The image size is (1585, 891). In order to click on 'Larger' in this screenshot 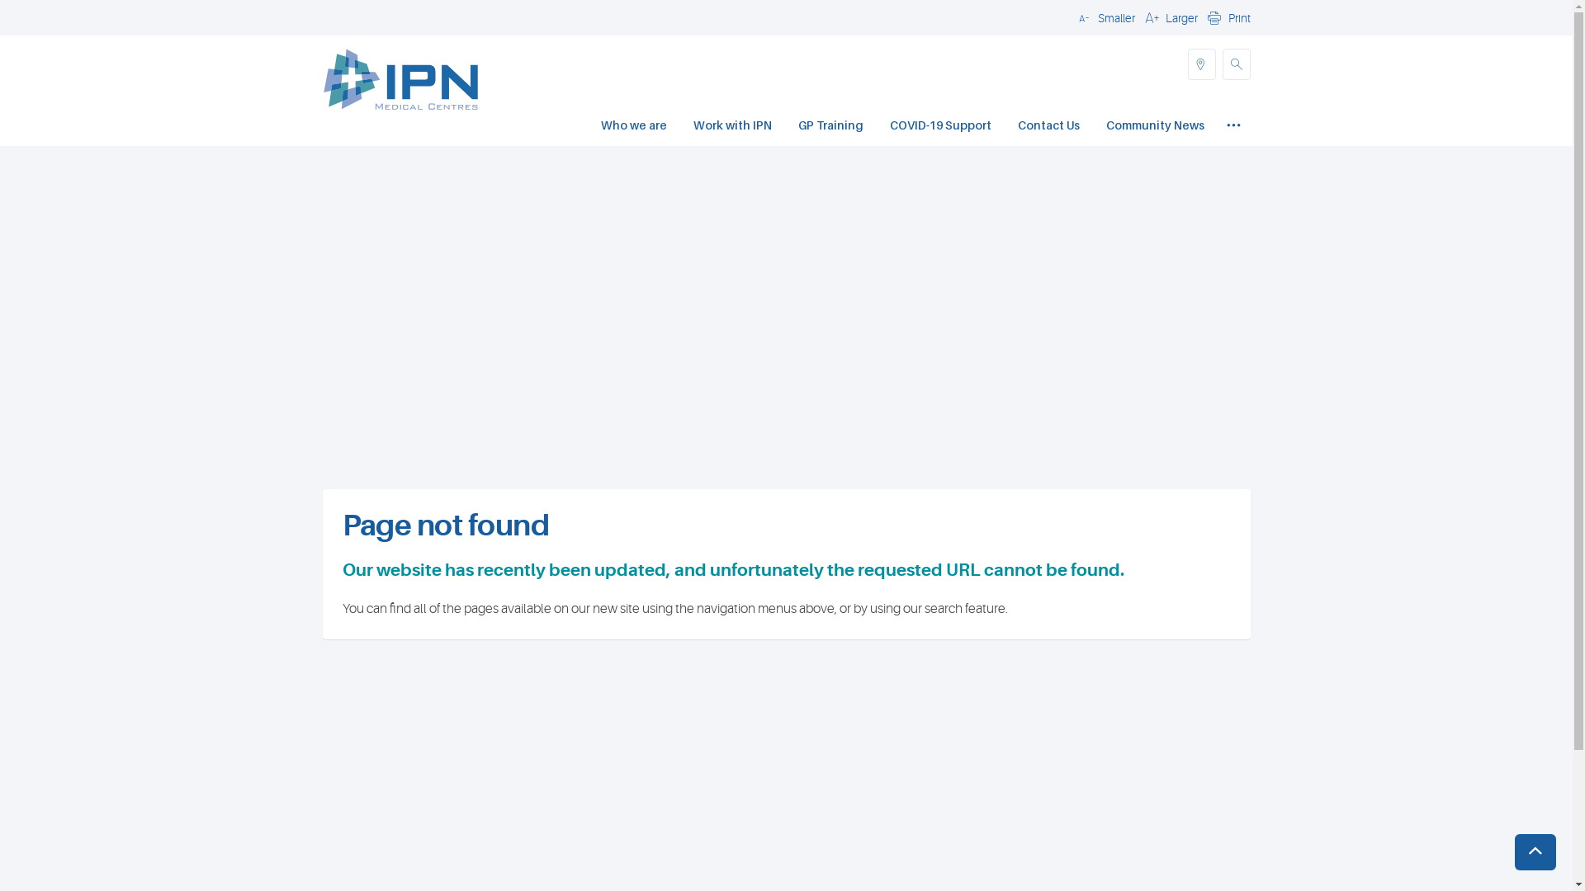, I will do `click(1168, 16)`.